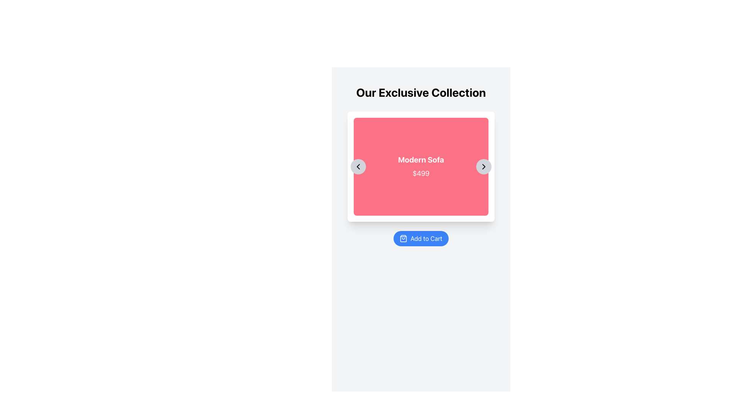  Describe the element at coordinates (420, 174) in the screenshot. I see `the text label displaying the price '$499', which is styled with a large, white font against a red background and located below the text 'Modern Sofa'` at that location.